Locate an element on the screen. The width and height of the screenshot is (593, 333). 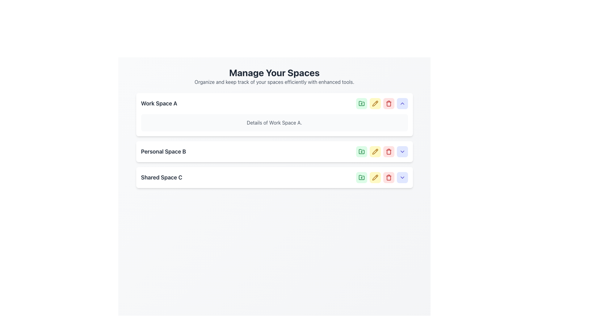
descriptive text content located under the heading 'Work Space A' in the first card of the vertical list of workspace cards is located at coordinates (274, 122).